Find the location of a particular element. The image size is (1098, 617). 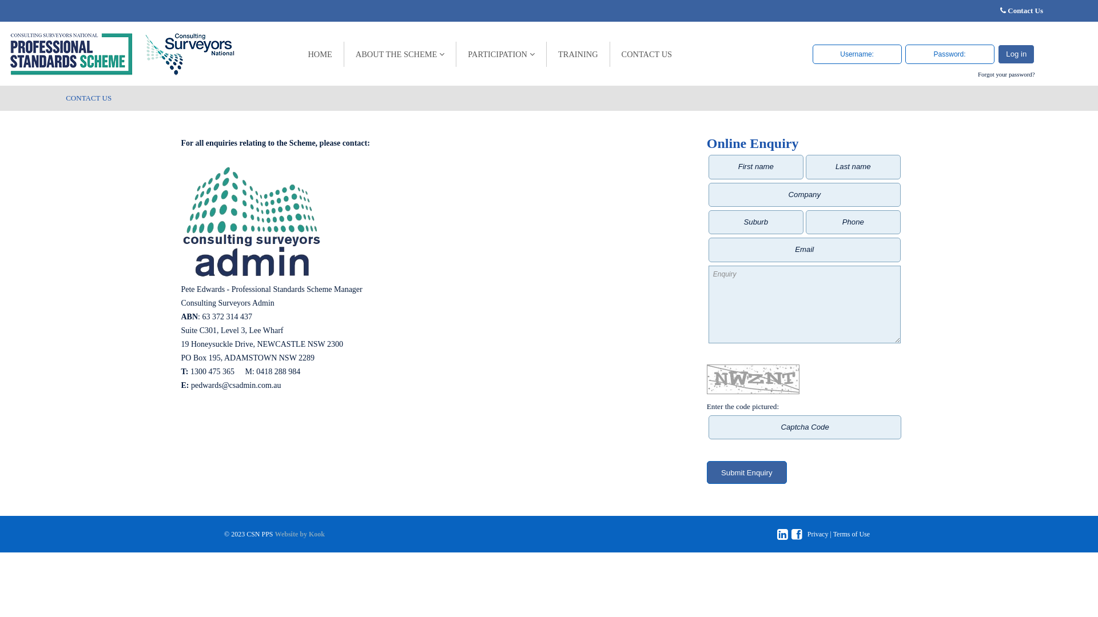

'TRAINING' is located at coordinates (578, 54).